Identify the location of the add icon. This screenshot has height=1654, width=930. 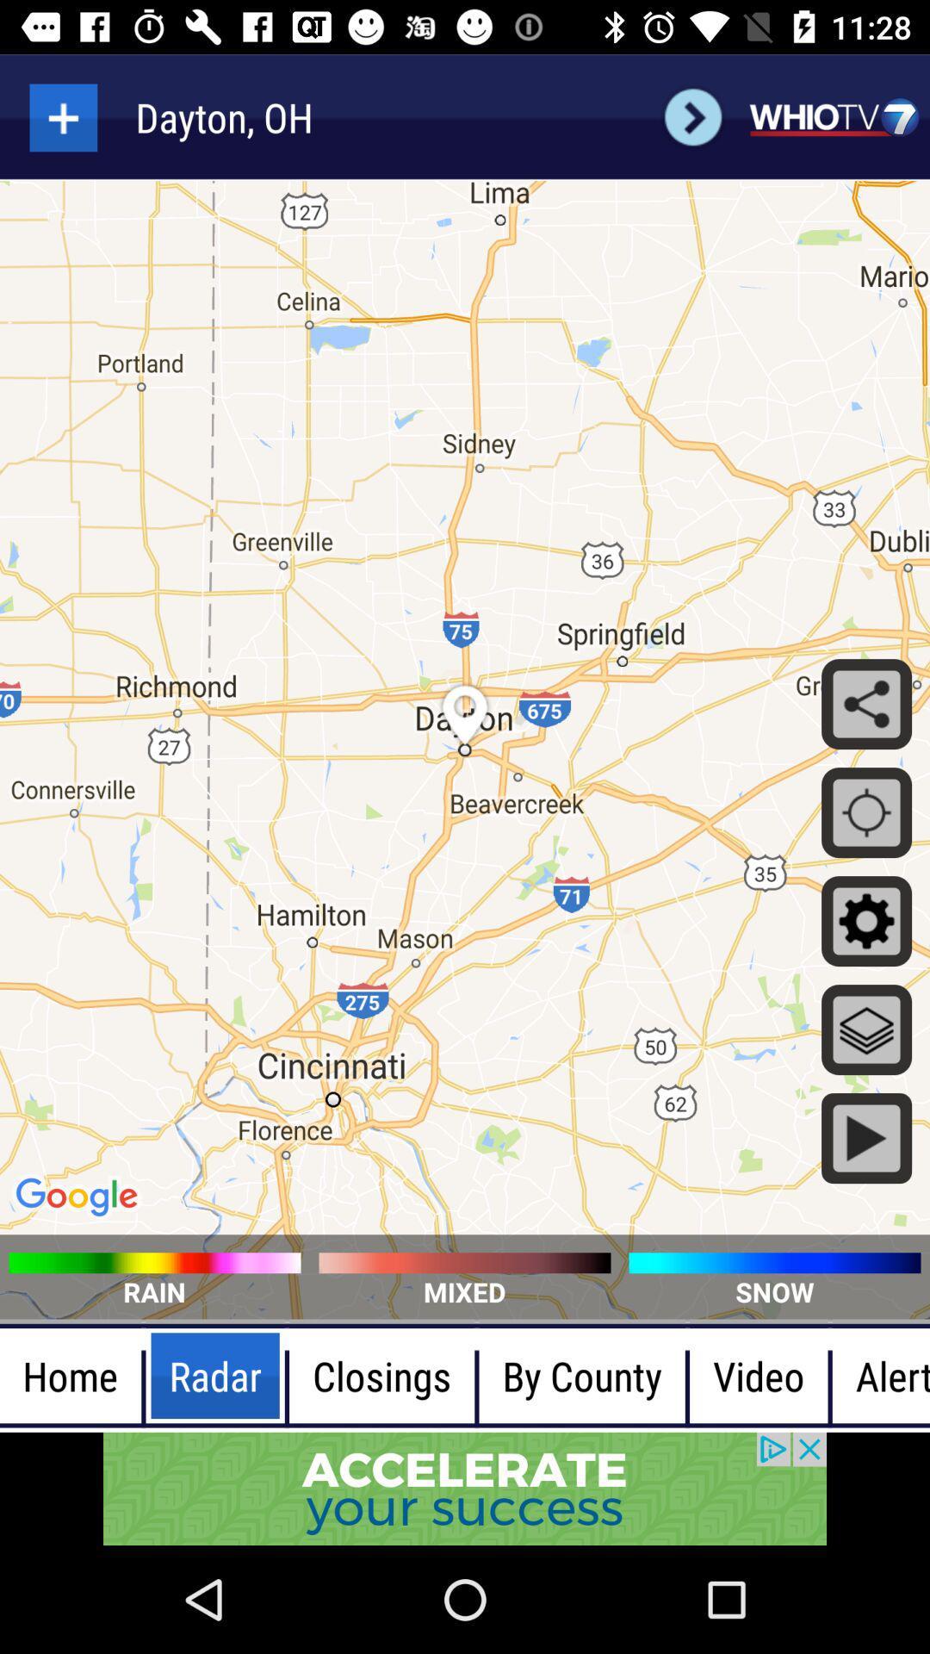
(62, 116).